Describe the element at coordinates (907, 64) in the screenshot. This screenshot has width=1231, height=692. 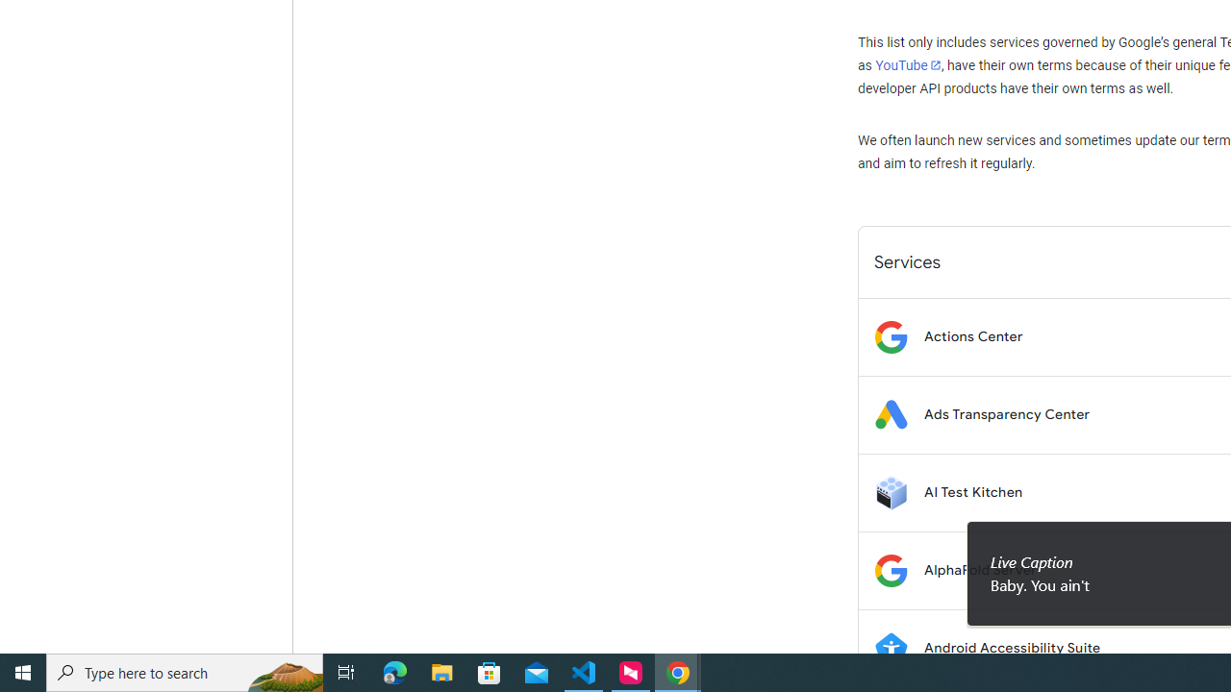
I see `'YouTube'` at that location.